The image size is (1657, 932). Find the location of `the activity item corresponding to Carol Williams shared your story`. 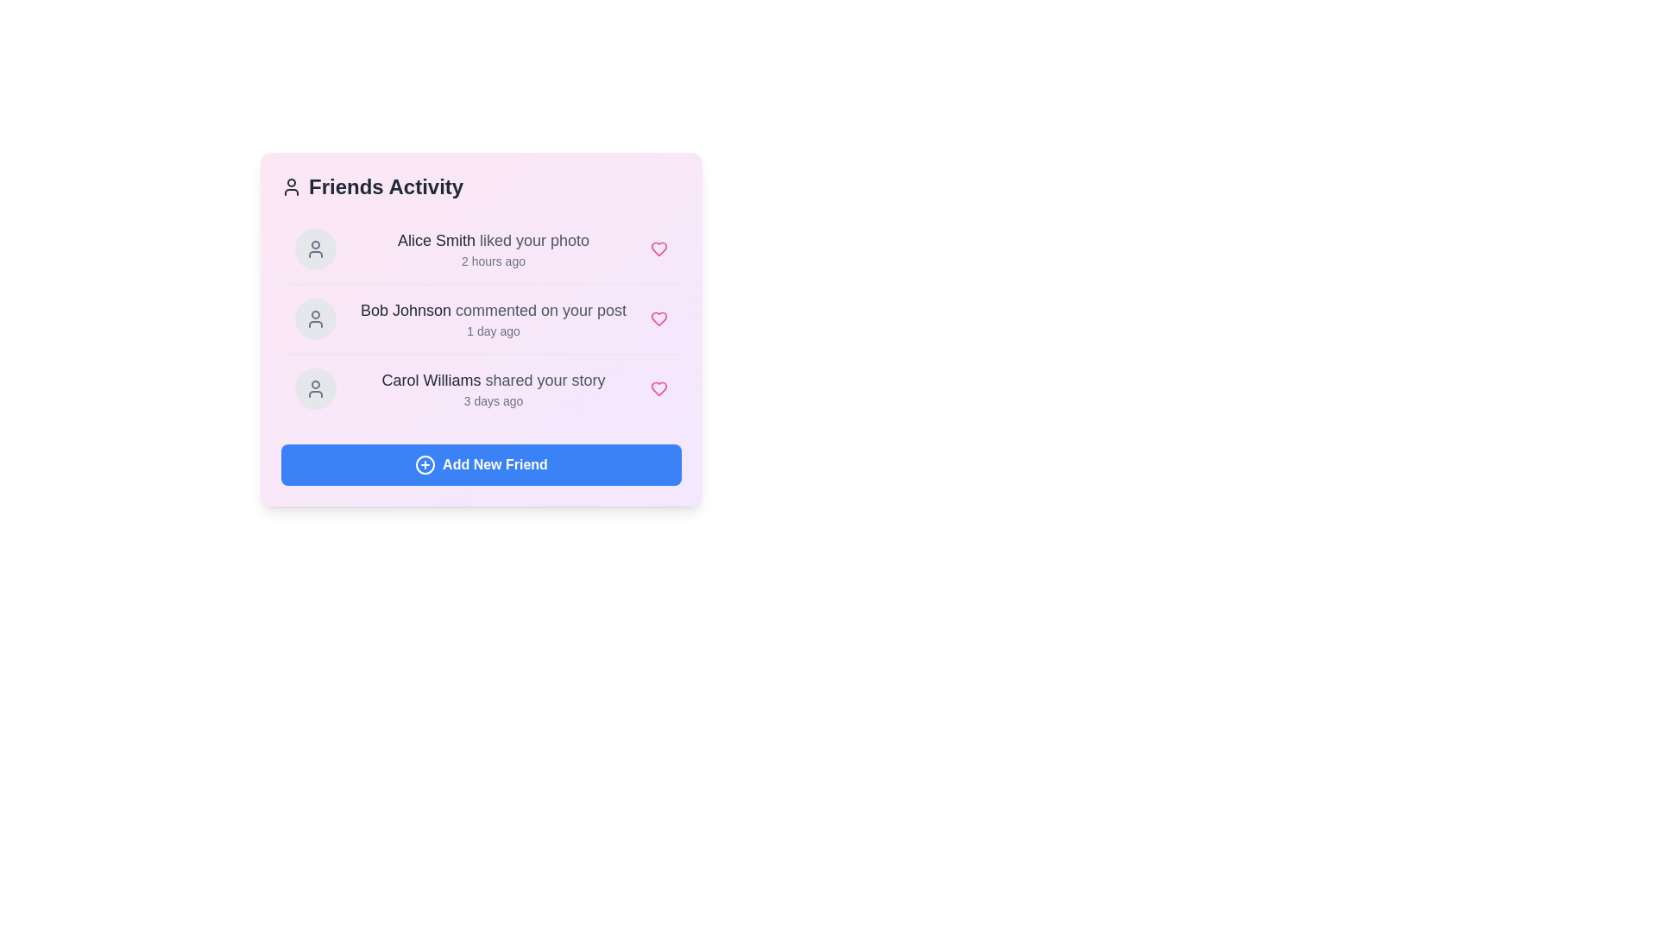

the activity item corresponding to Carol Williams shared your story is located at coordinates (481, 388).